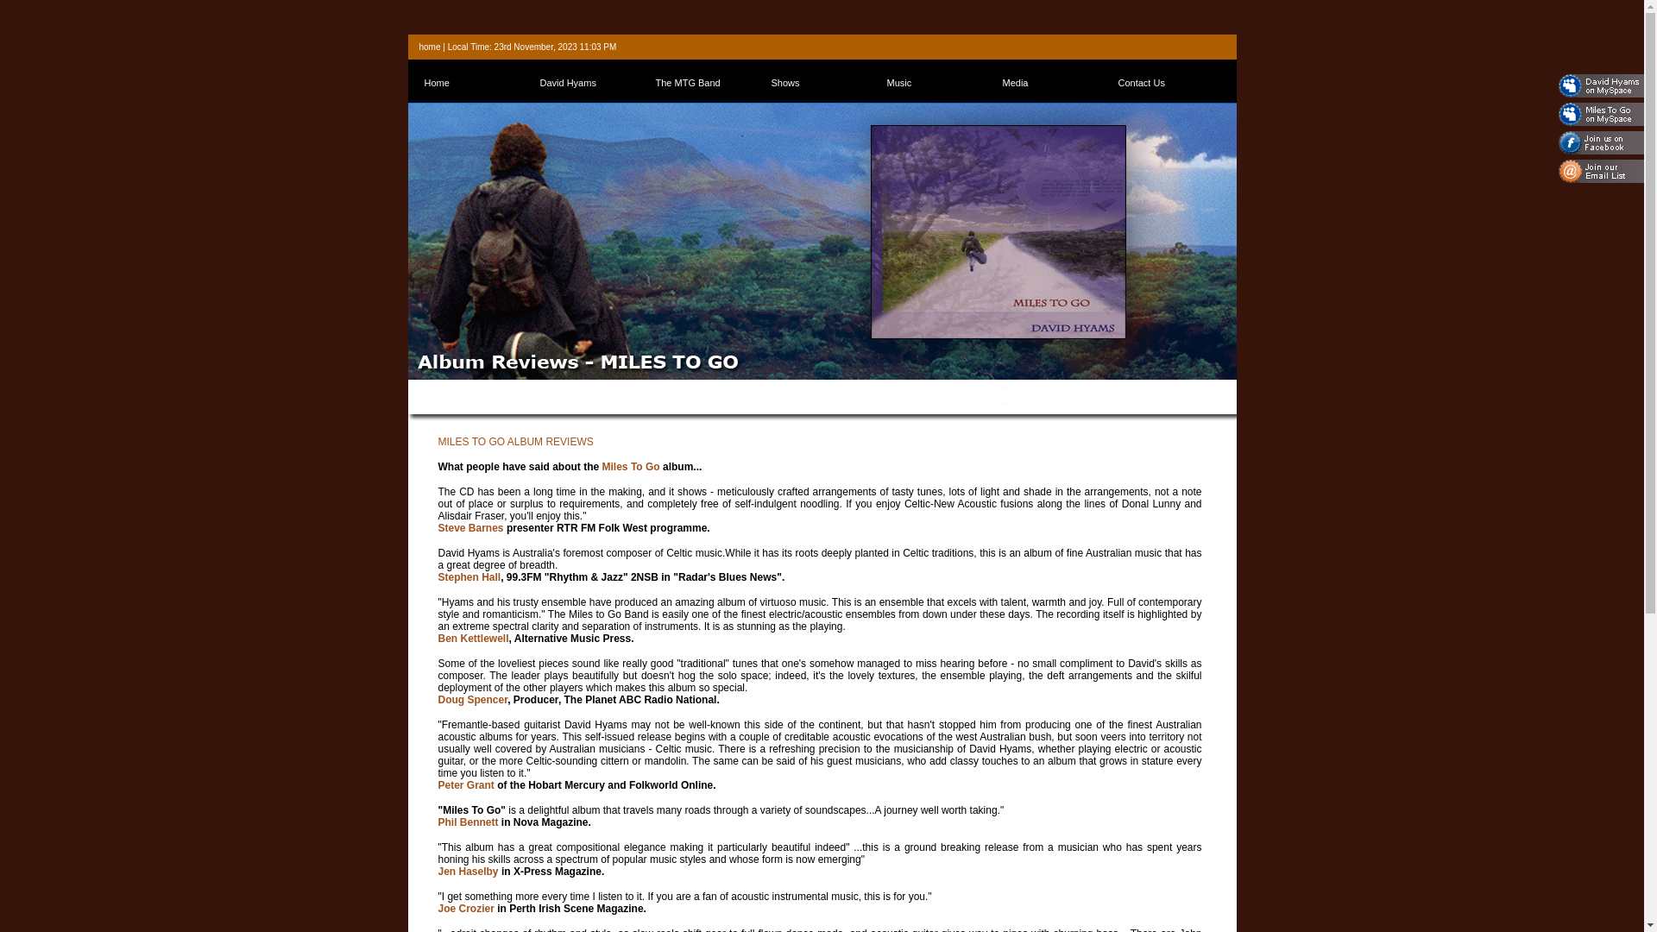  What do you see at coordinates (822, 83) in the screenshot?
I see `'Shows'` at bounding box center [822, 83].